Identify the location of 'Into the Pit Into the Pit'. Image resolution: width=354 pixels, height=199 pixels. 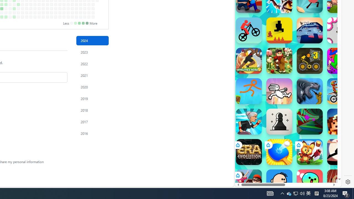
(340, 30).